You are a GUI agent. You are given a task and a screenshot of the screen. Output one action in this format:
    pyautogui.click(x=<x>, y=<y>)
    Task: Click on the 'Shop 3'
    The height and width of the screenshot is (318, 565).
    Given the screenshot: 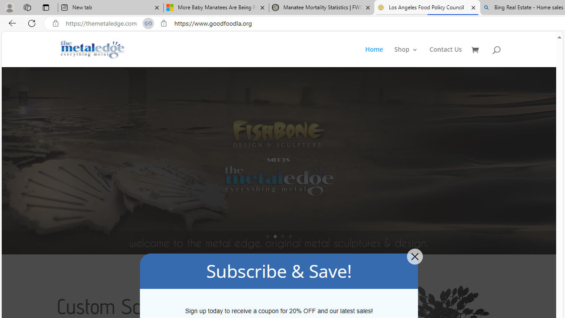 What is the action you would take?
    pyautogui.click(x=406, y=57)
    